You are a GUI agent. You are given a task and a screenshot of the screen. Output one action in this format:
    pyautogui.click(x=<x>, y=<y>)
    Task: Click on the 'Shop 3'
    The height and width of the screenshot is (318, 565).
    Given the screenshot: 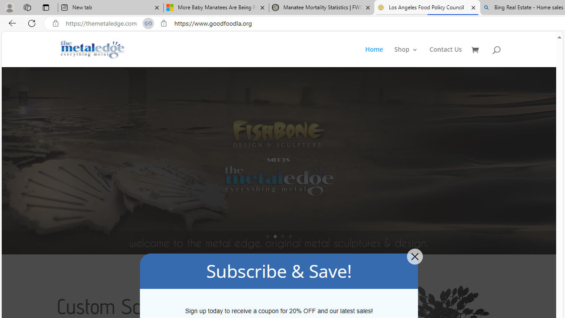 What is the action you would take?
    pyautogui.click(x=406, y=57)
    